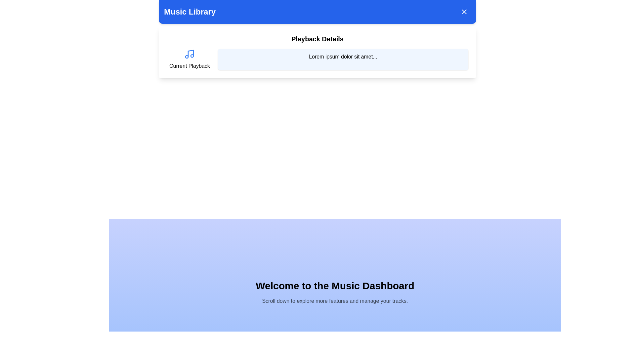 This screenshot has height=357, width=635. Describe the element at coordinates (335, 285) in the screenshot. I see `the welcoming title for the Music Dashboard, which is centered in the blue section of the interface` at that location.